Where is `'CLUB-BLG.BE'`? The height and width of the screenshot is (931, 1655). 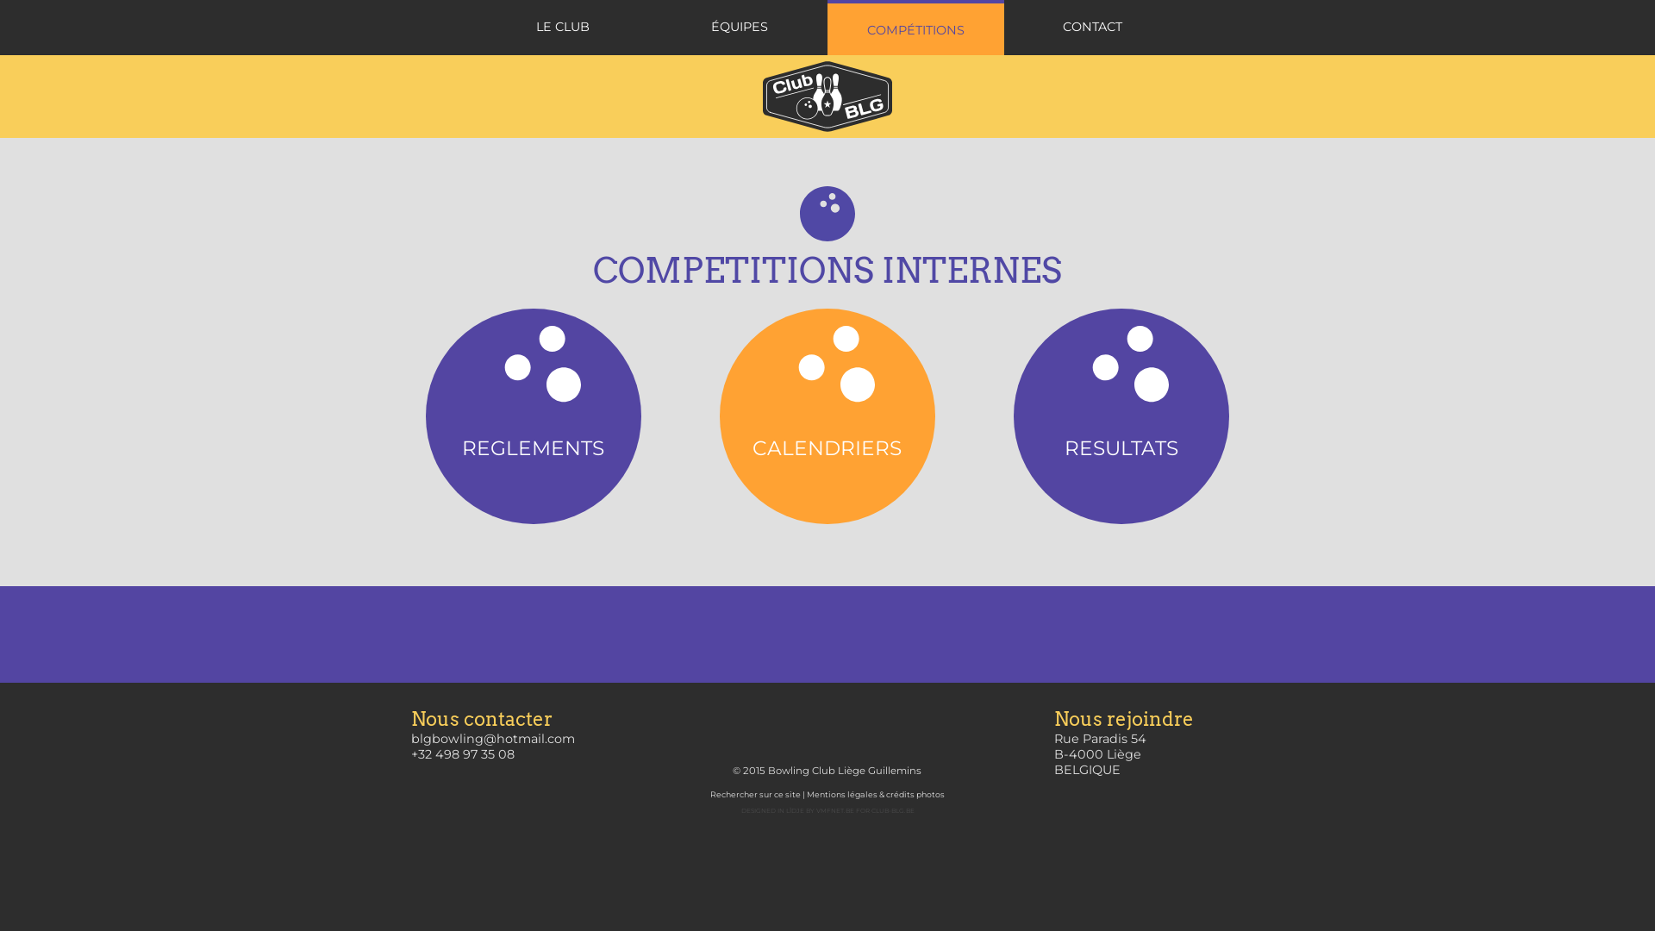 'CLUB-BLG.BE' is located at coordinates (892, 810).